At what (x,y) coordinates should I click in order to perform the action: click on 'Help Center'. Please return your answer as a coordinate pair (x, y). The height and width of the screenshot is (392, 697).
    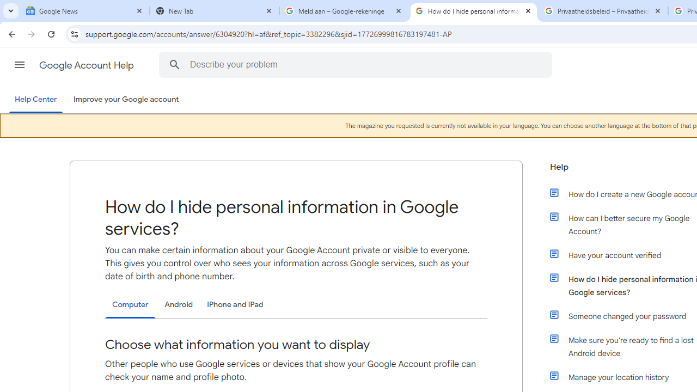
    Looking at the image, I should click on (35, 100).